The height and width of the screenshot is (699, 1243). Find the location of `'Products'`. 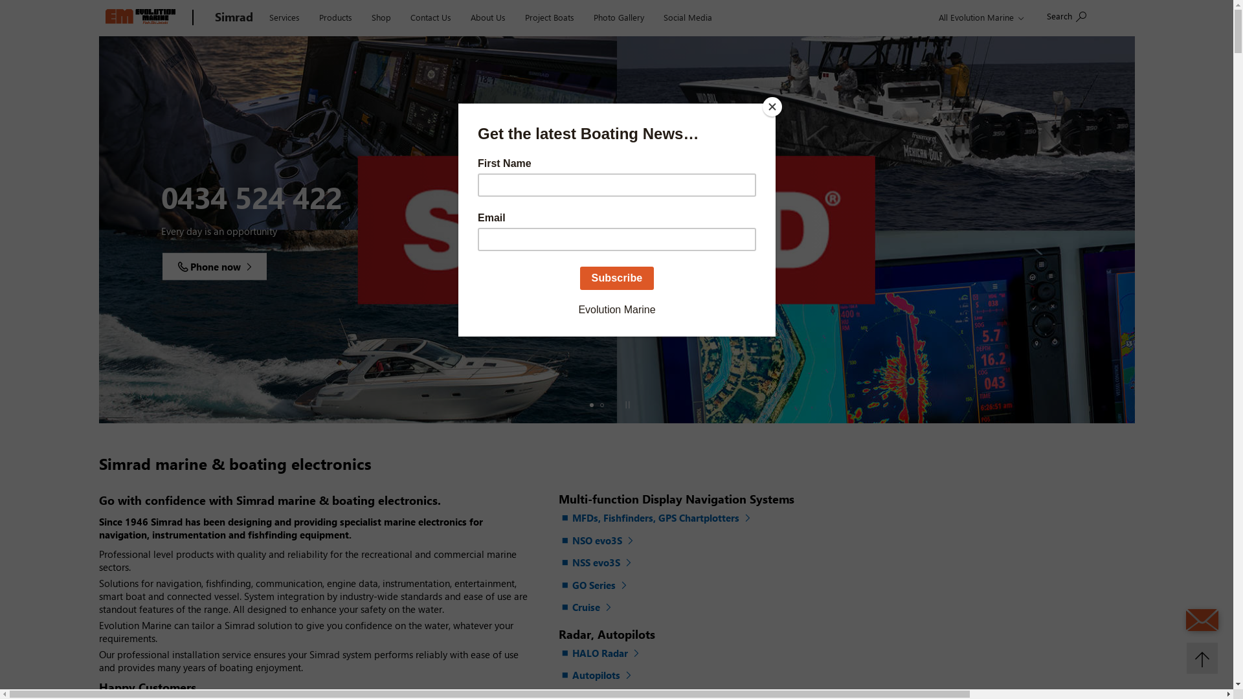

'Products' is located at coordinates (335, 16).